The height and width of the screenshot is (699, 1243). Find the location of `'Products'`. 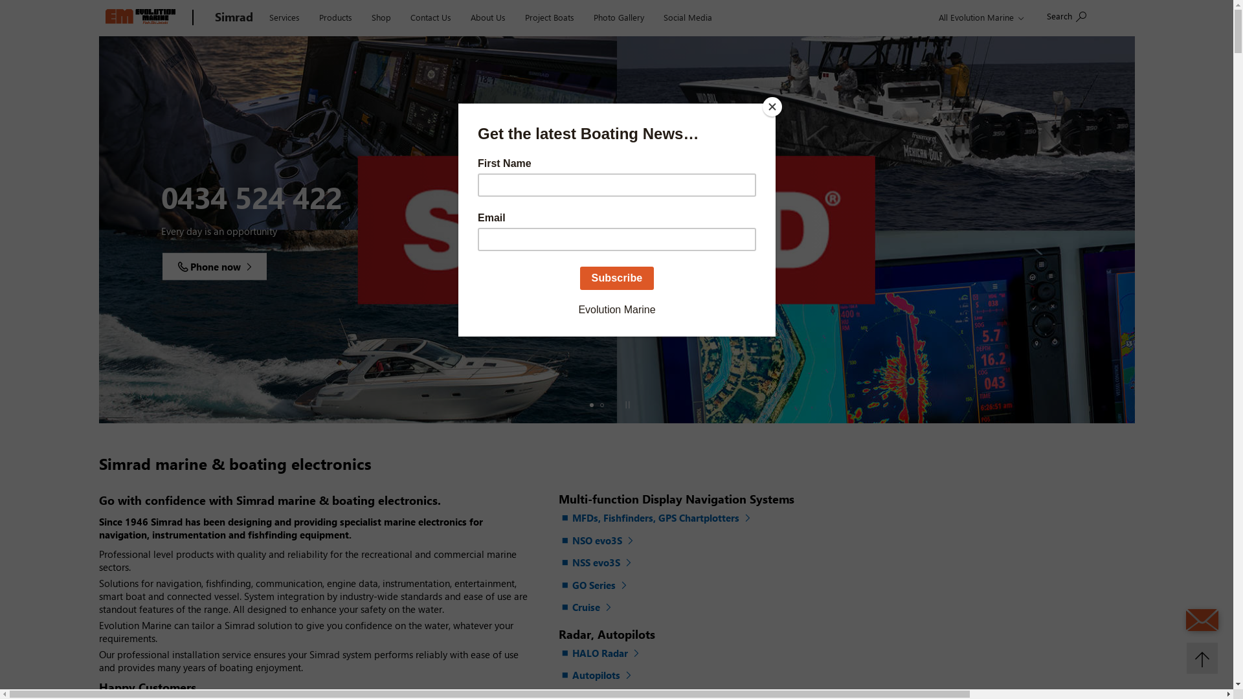

'Products' is located at coordinates (335, 16).